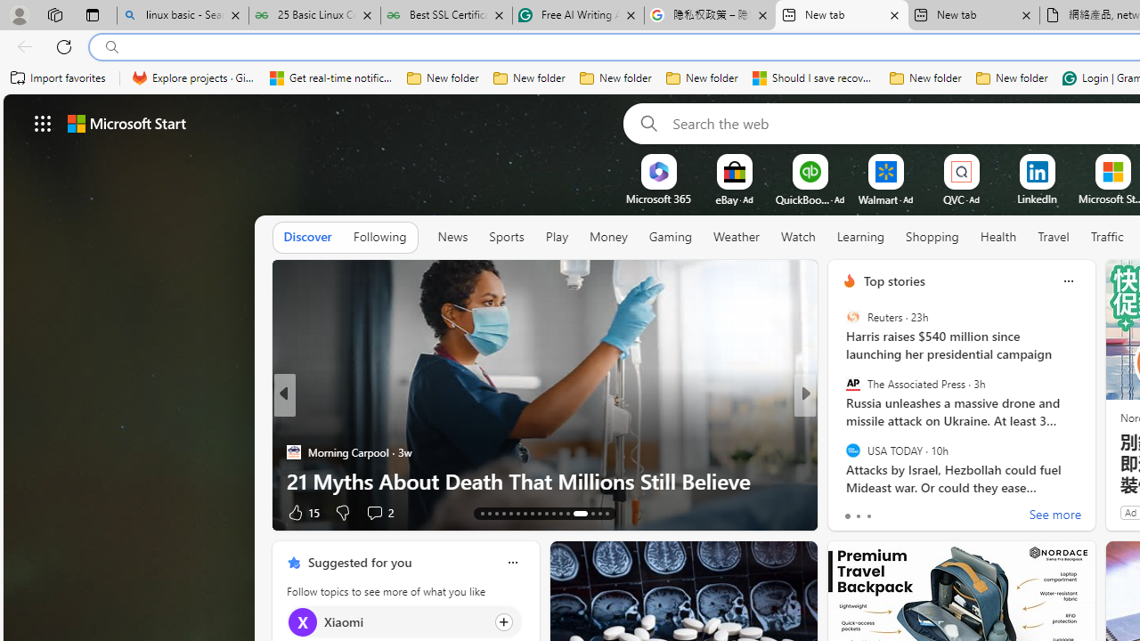 The width and height of the screenshot is (1140, 641). I want to click on 'AutomationID: tab-20', so click(531, 514).